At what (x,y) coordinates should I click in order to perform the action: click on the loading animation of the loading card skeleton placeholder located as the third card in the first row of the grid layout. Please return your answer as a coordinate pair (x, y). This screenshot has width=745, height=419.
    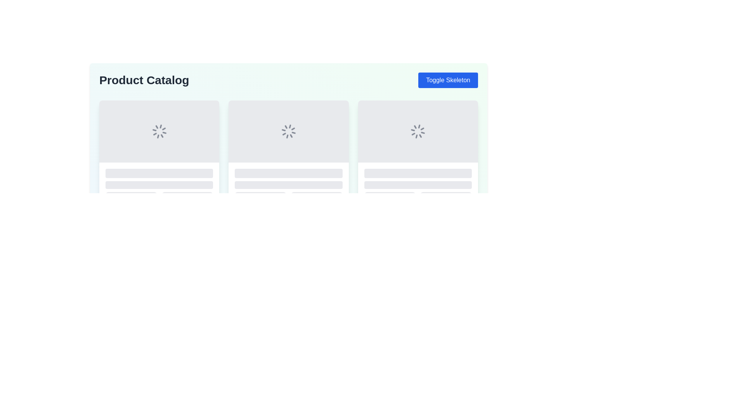
    Looking at the image, I should click on (418, 152).